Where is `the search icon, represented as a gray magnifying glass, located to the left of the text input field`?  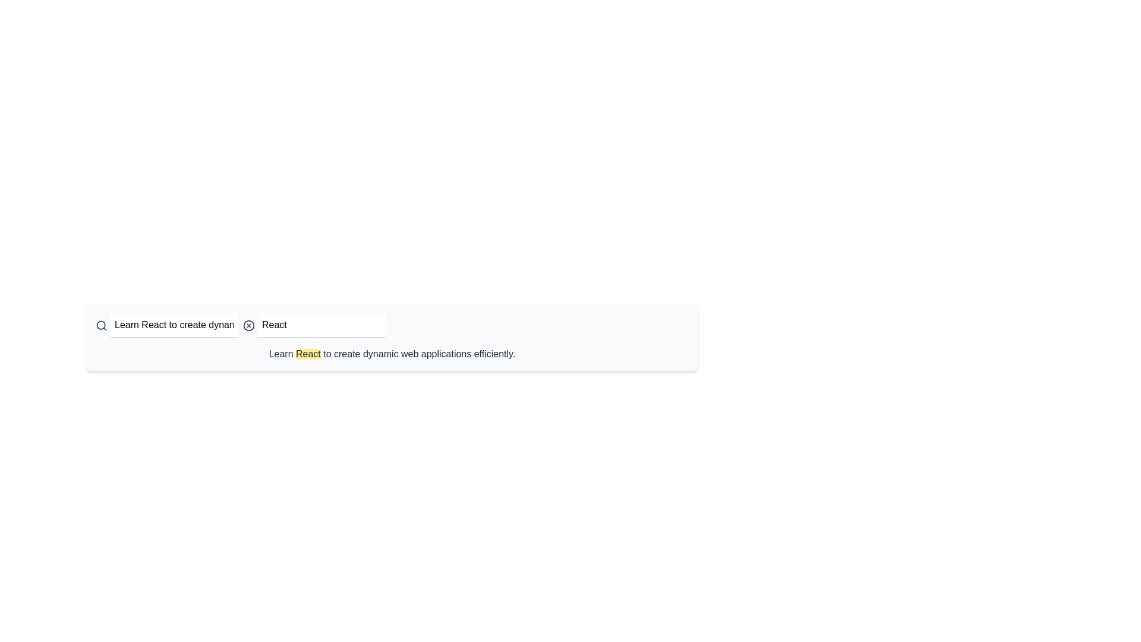 the search icon, represented as a gray magnifying glass, located to the left of the text input field is located at coordinates (102, 325).